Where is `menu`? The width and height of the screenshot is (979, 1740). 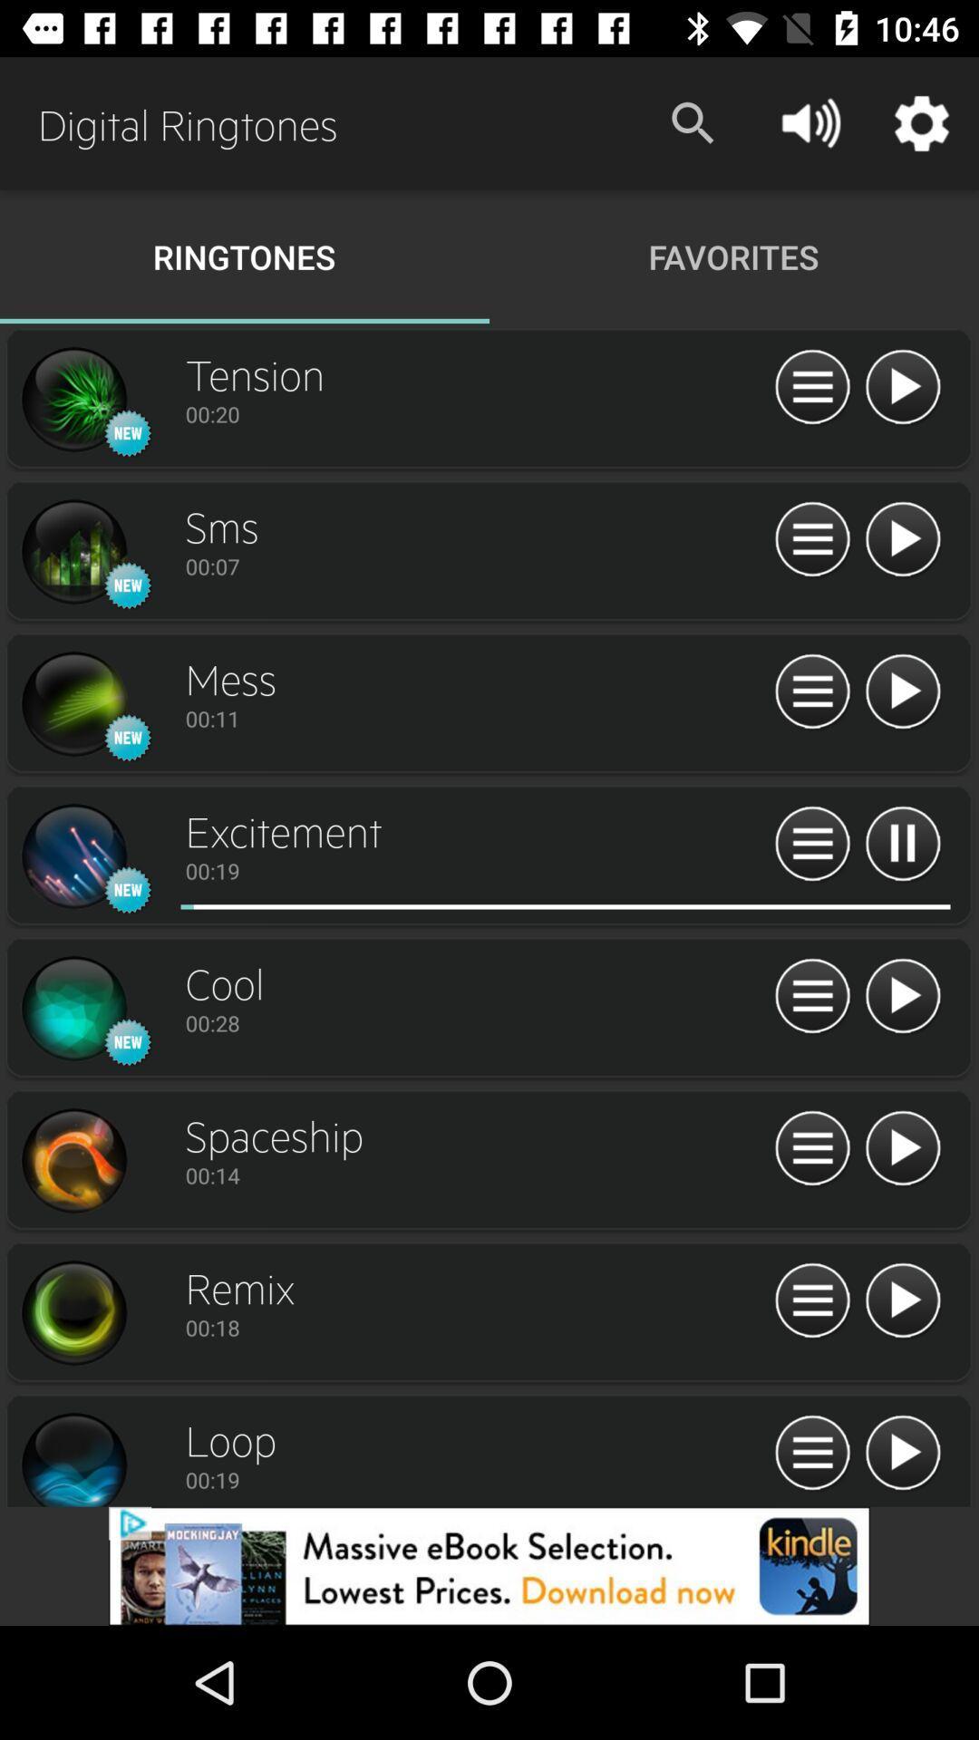 menu is located at coordinates (811, 1148).